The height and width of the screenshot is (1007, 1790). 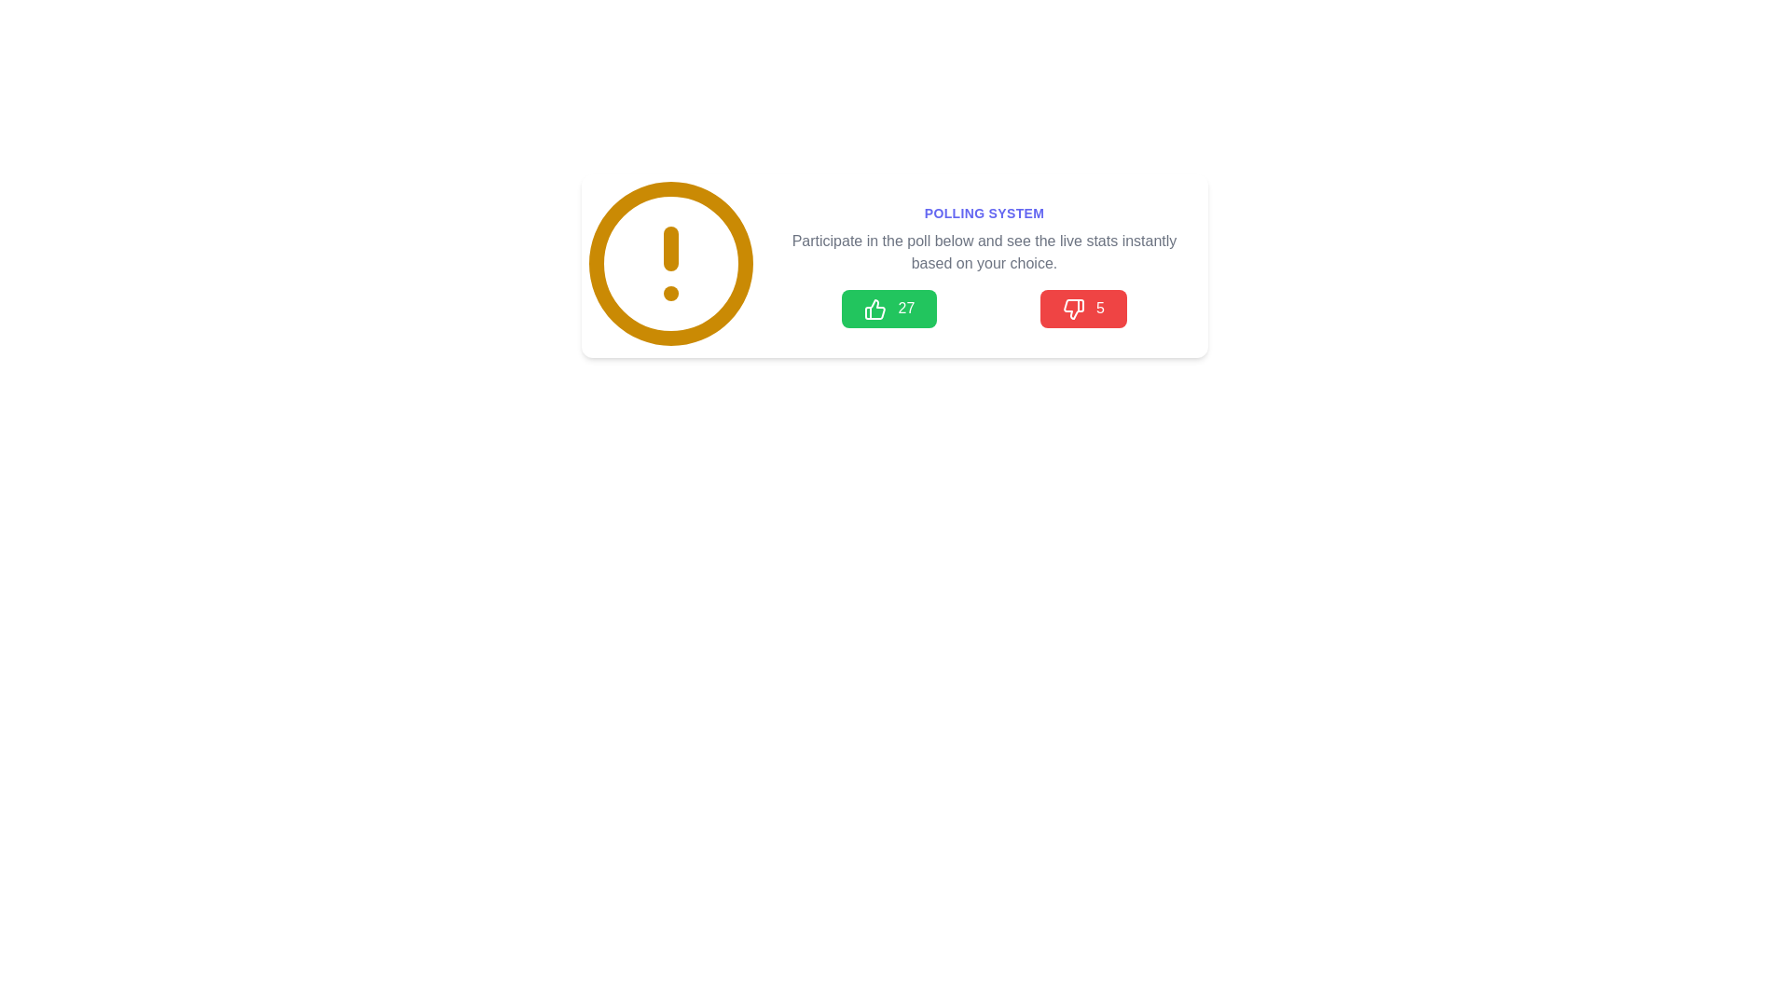 What do you see at coordinates (874, 308) in the screenshot?
I see `the thumbs-up icon button located in the central part of the interface above the vote count (27)` at bounding box center [874, 308].